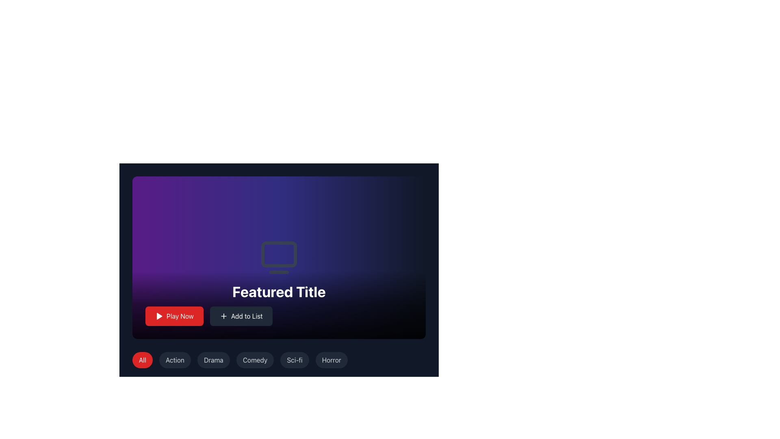 The width and height of the screenshot is (780, 439). I want to click on the 'Drama' category selector button, so click(213, 360).